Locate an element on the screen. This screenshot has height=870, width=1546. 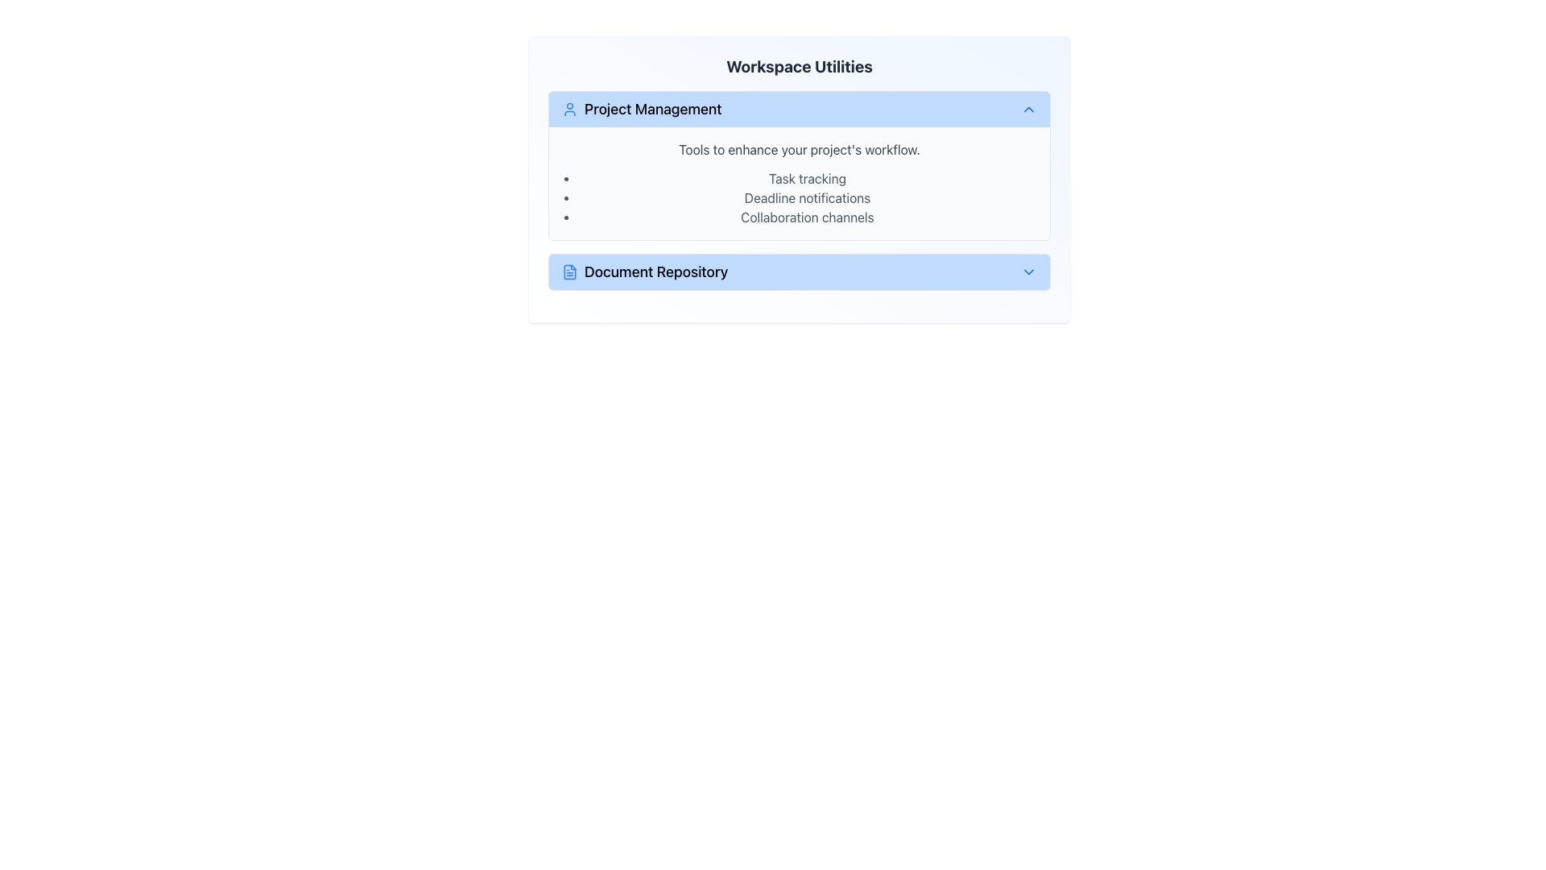
on the text 'Deadline notifications' located in the Project Management section of the Workspace Utilities panel is located at coordinates (808, 197).